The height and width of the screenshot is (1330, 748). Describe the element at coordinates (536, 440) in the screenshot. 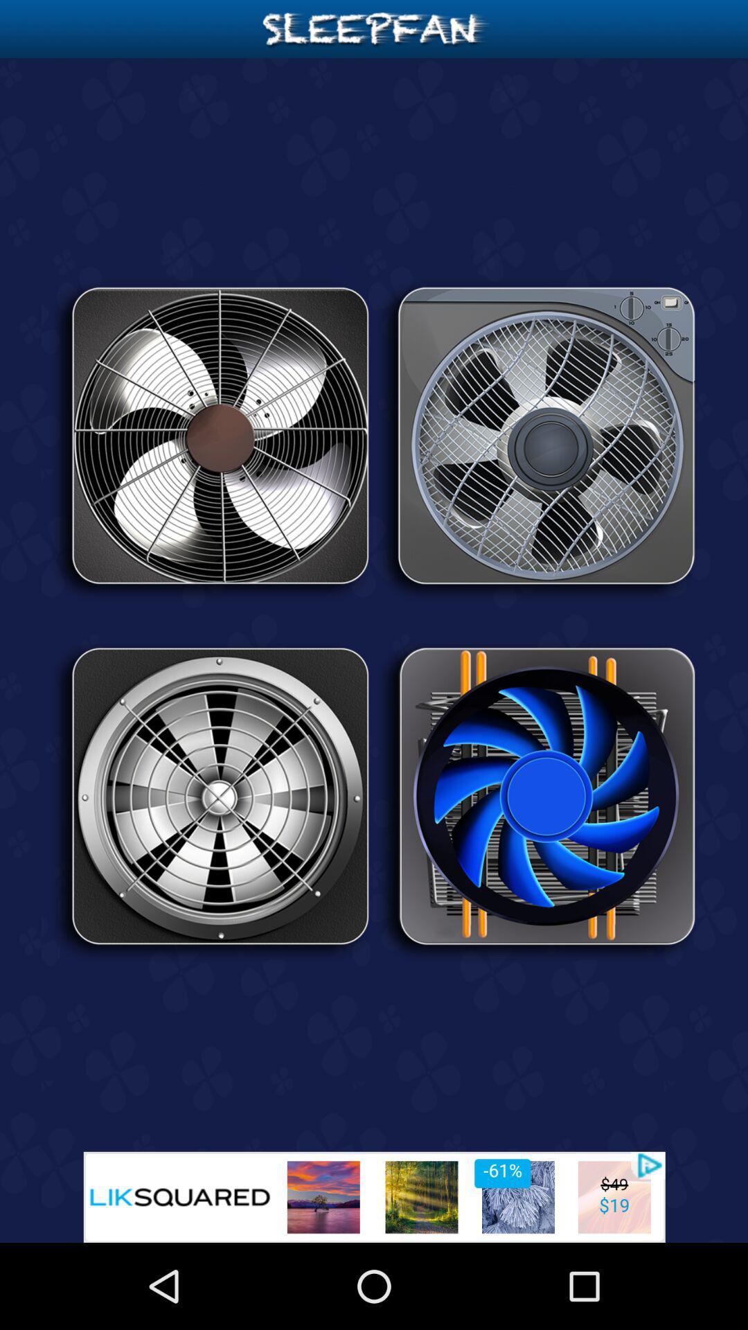

I see `the icon at the top right corner` at that location.